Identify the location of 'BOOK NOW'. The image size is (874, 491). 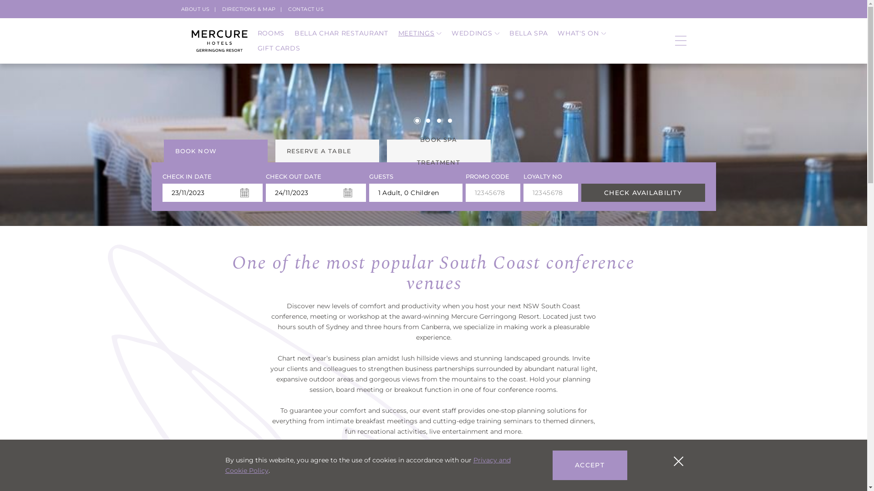
(215, 150).